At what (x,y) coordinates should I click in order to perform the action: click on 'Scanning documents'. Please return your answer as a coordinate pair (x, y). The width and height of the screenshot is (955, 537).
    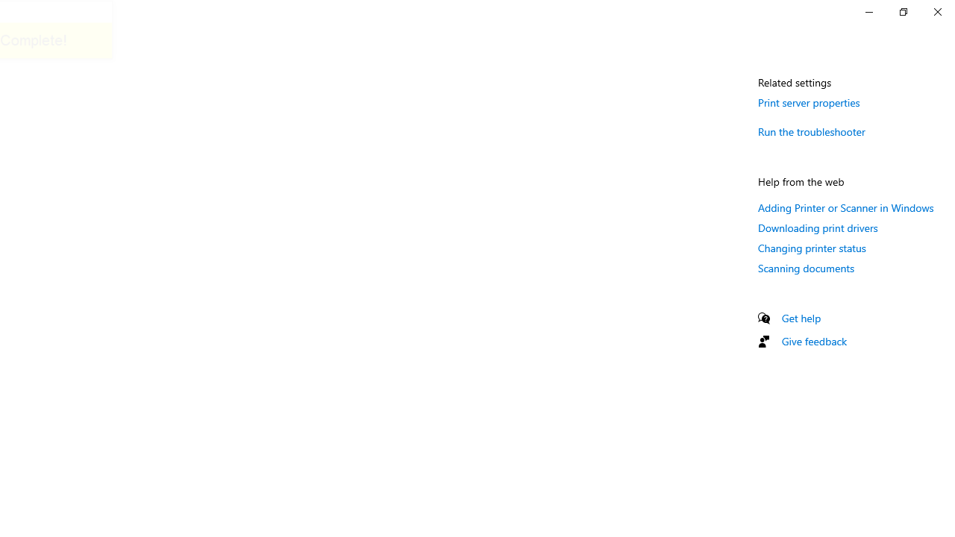
    Looking at the image, I should click on (805, 267).